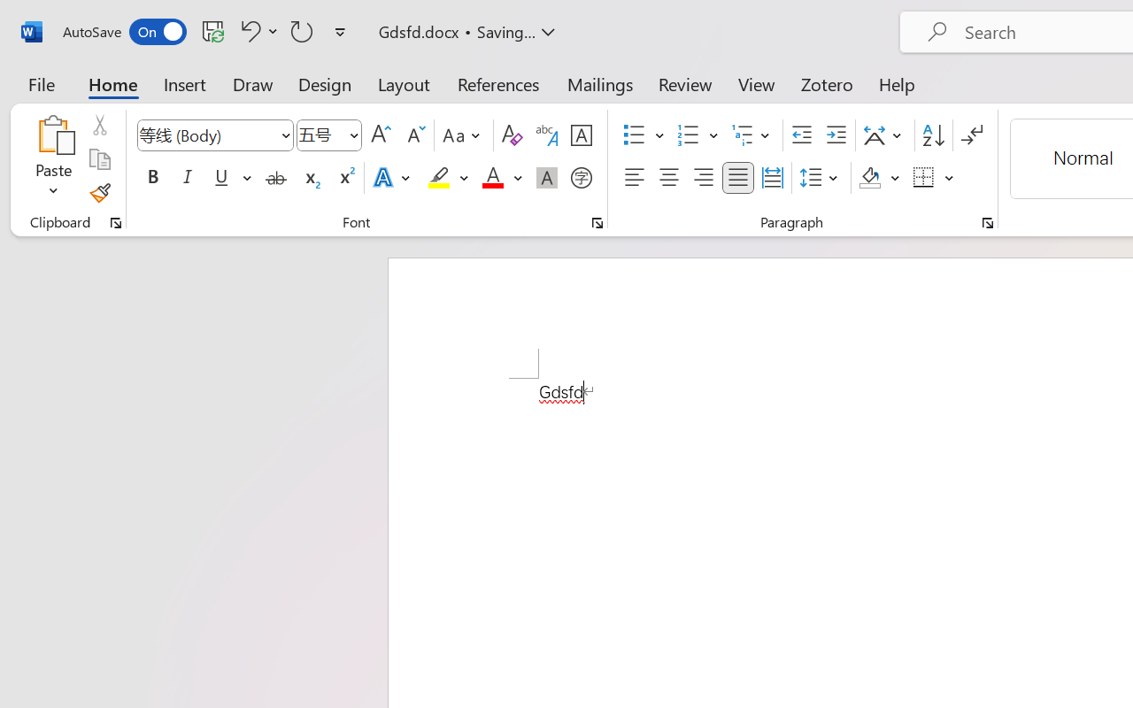 The width and height of the screenshot is (1133, 708). Describe the element at coordinates (581, 178) in the screenshot. I see `'Enclose Characters...'` at that location.